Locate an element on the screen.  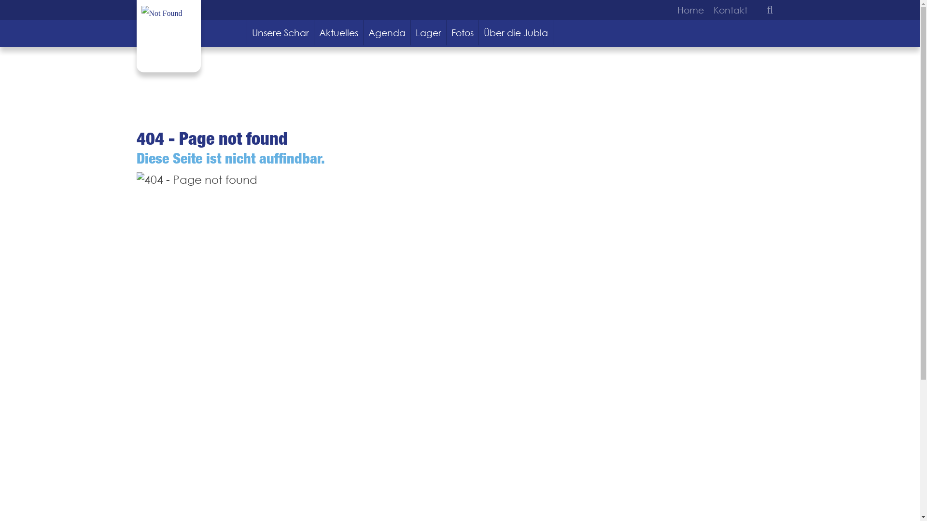
'Home' is located at coordinates (692, 10).